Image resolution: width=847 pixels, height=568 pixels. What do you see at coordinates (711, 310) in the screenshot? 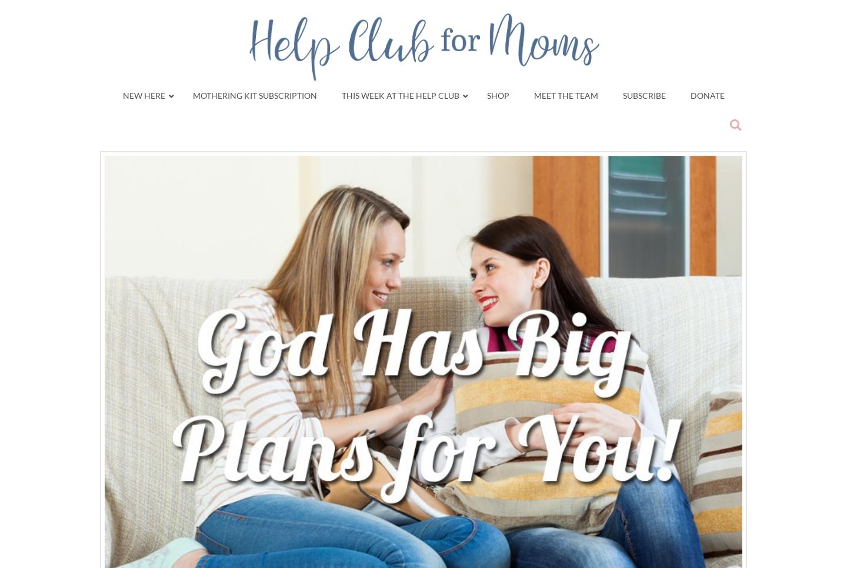
I see `'See more…'` at bounding box center [711, 310].